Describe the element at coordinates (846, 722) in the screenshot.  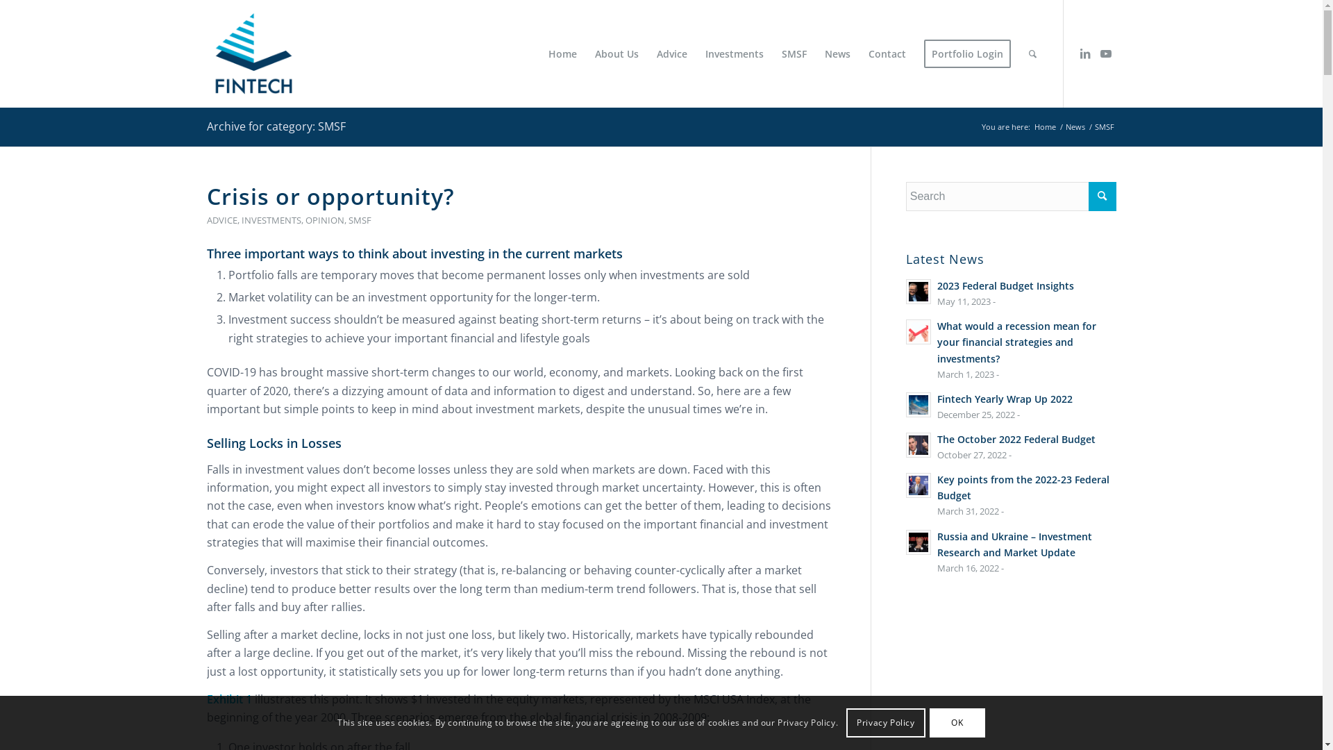
I see `'Privacy Policy'` at that location.